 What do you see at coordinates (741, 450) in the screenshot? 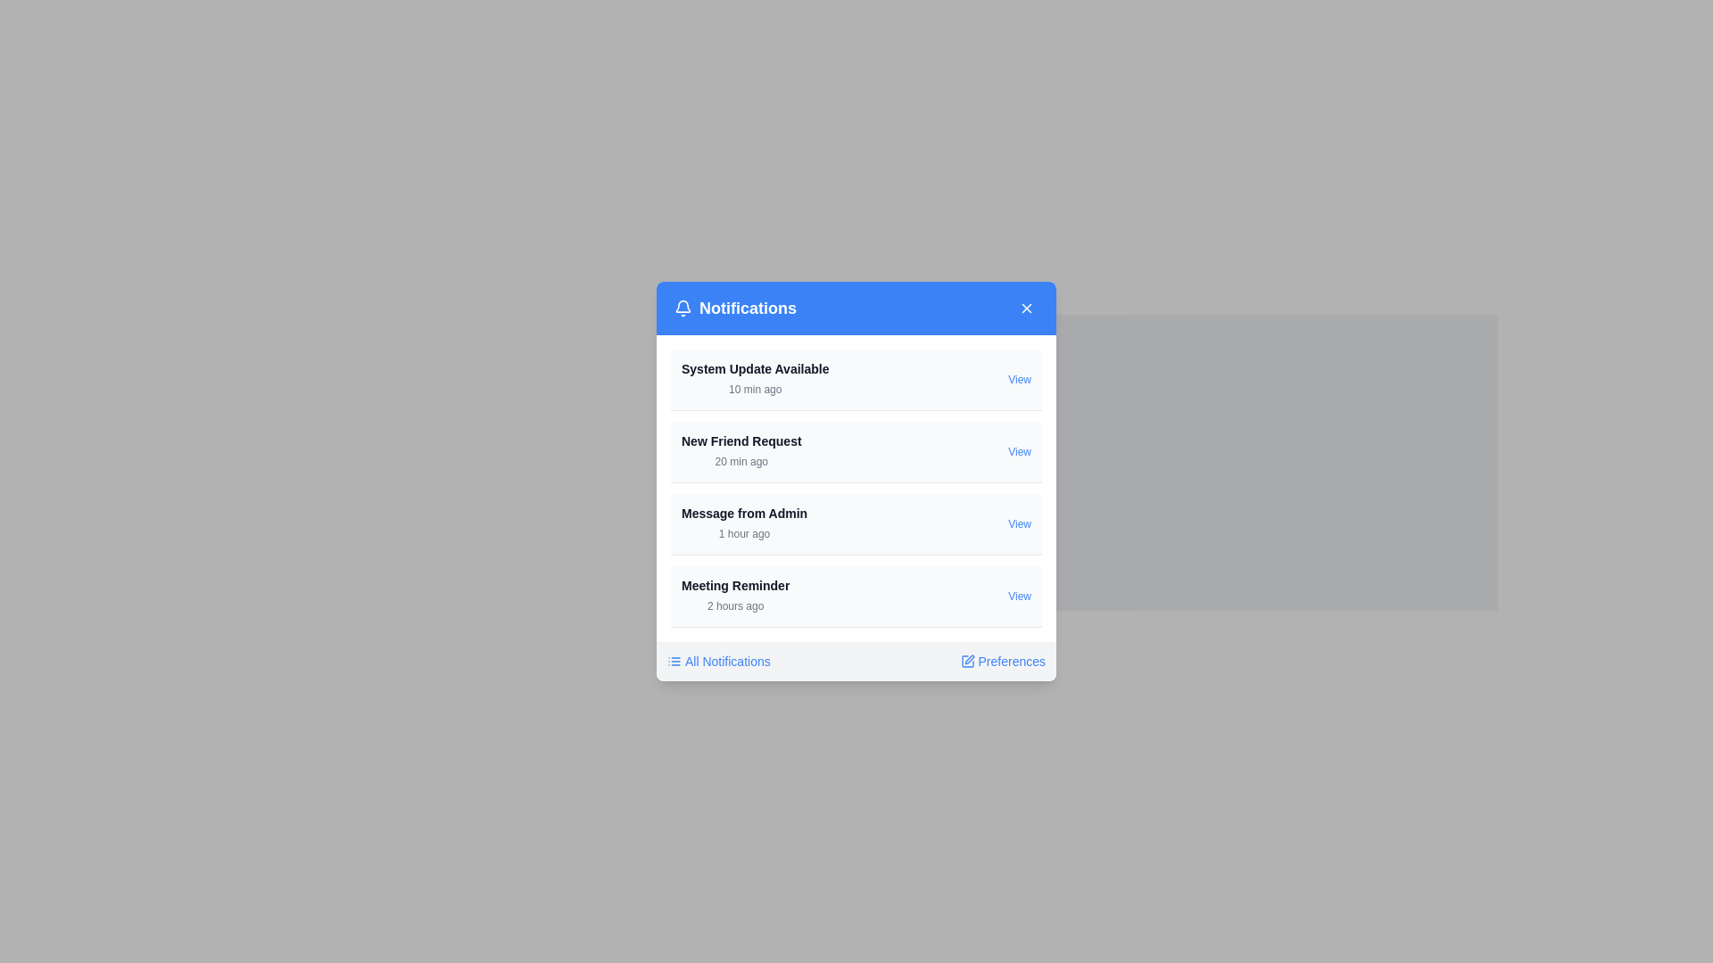
I see `the notification item indicating a new friend request received 20 minutes ago, which is the second item in the notification list` at bounding box center [741, 450].